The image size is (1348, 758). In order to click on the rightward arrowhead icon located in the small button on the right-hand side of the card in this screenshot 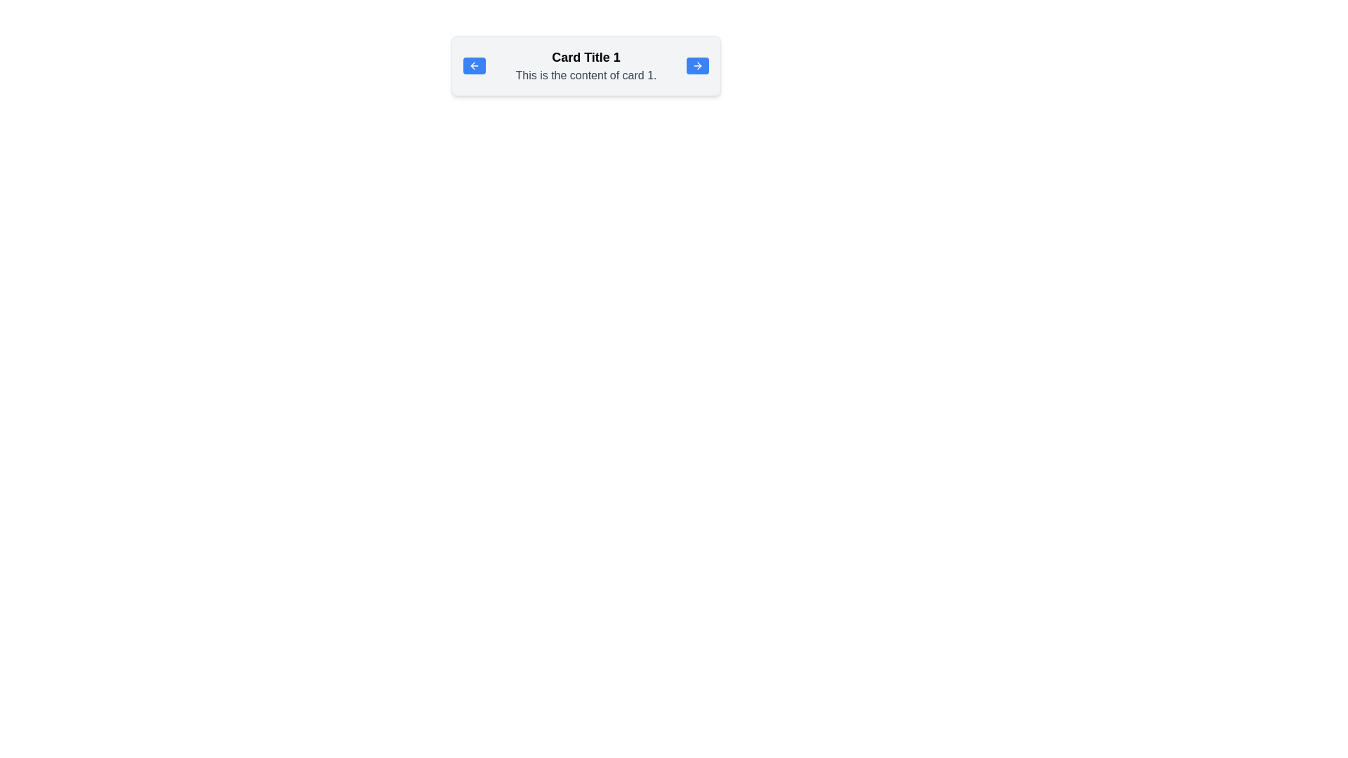, I will do `click(699, 65)`.